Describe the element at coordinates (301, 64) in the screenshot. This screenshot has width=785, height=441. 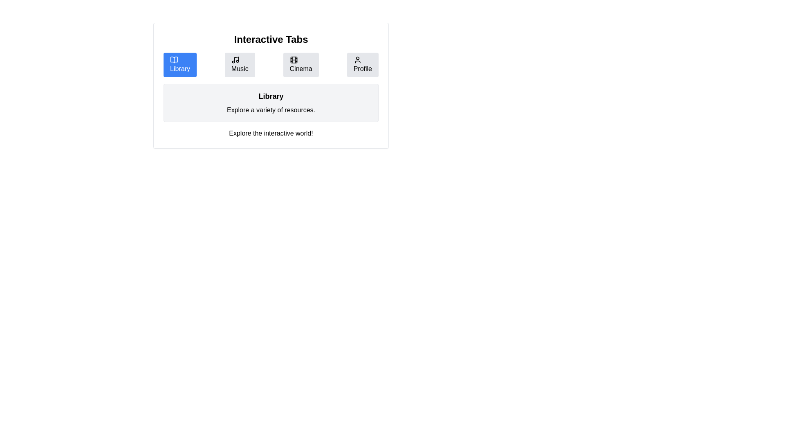
I see `the Cinema tab to view its content` at that location.